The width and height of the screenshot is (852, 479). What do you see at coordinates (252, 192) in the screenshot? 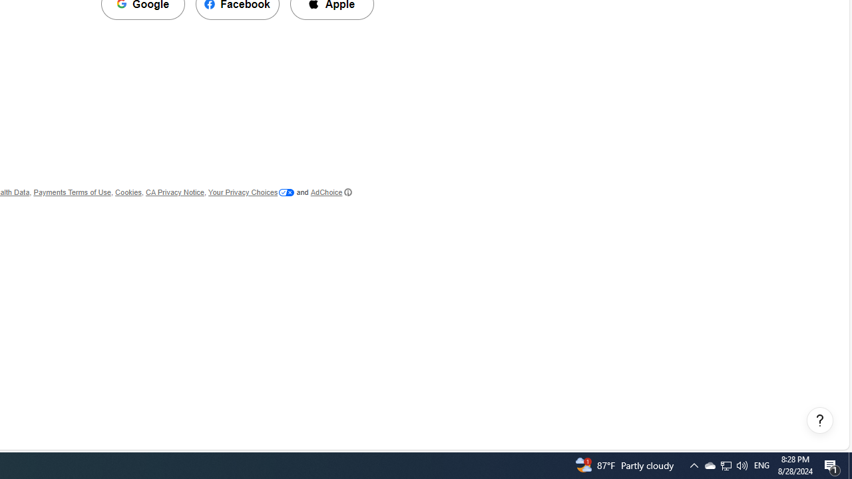
I see `'Your Privacy Choices'` at bounding box center [252, 192].